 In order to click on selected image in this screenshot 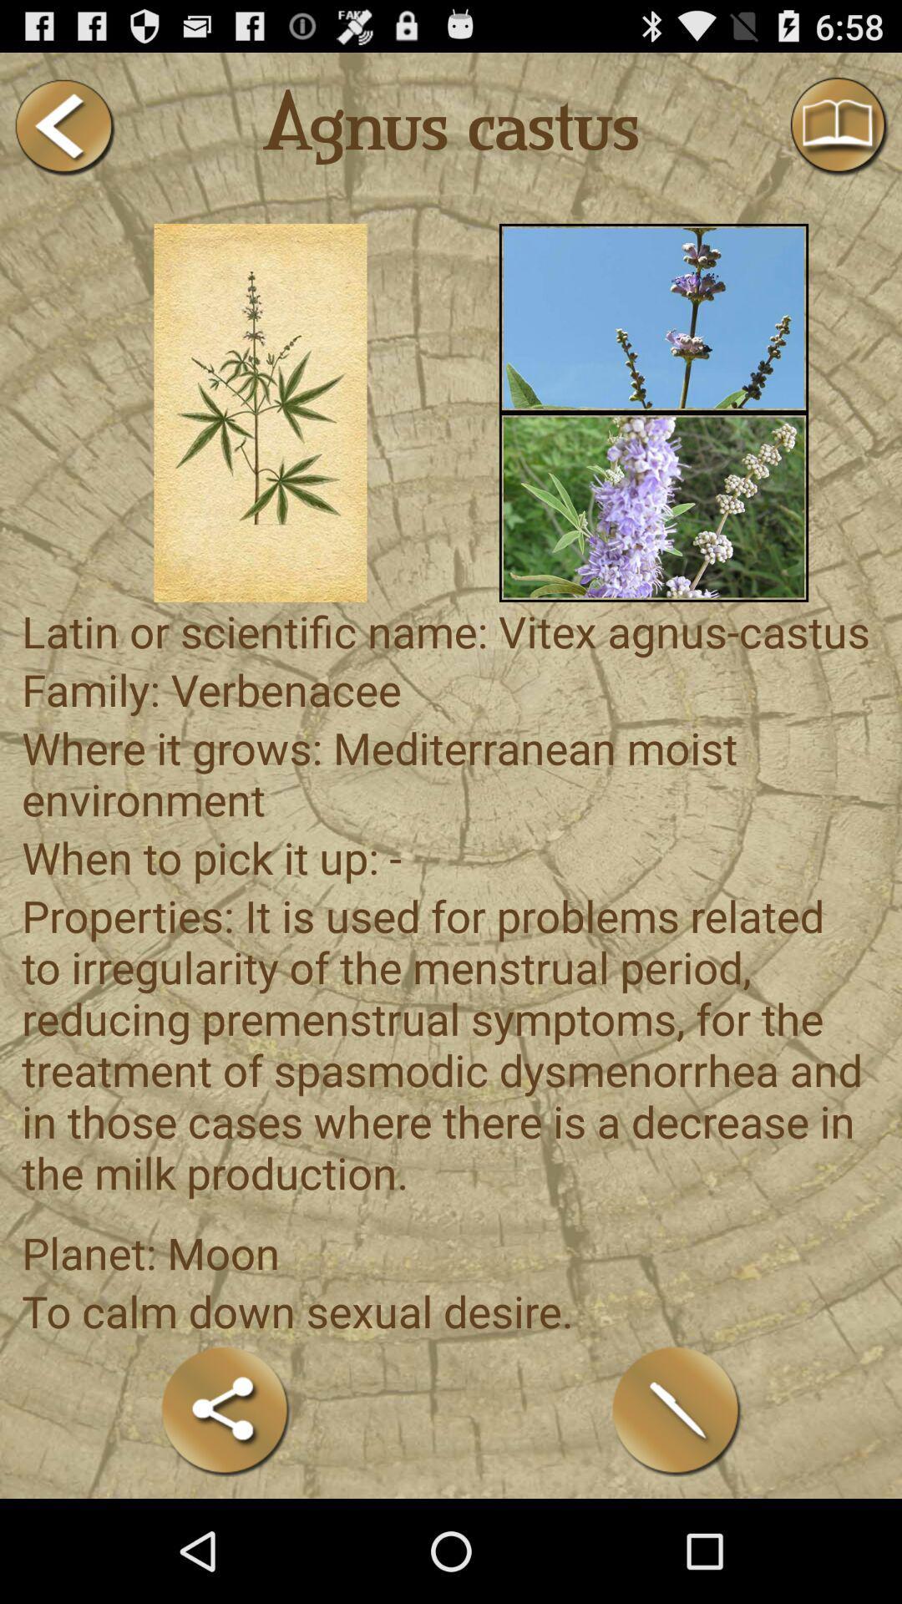, I will do `click(261, 413)`.